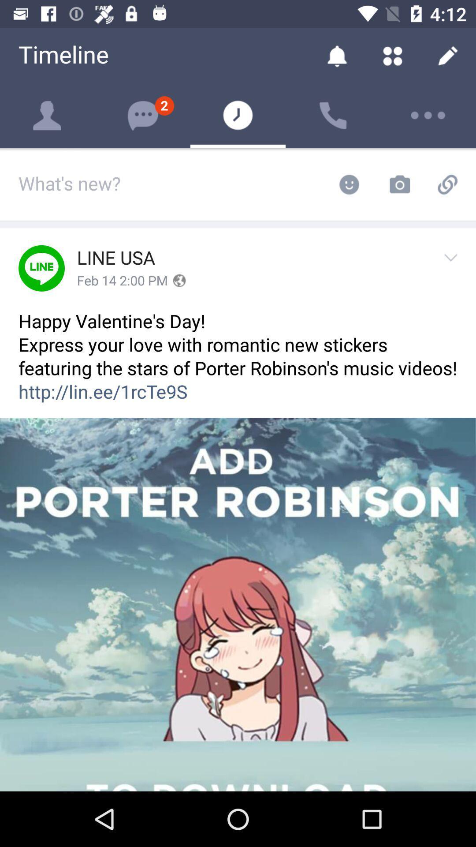 The image size is (476, 847). What do you see at coordinates (428, 115) in the screenshot?
I see `the more icon` at bounding box center [428, 115].